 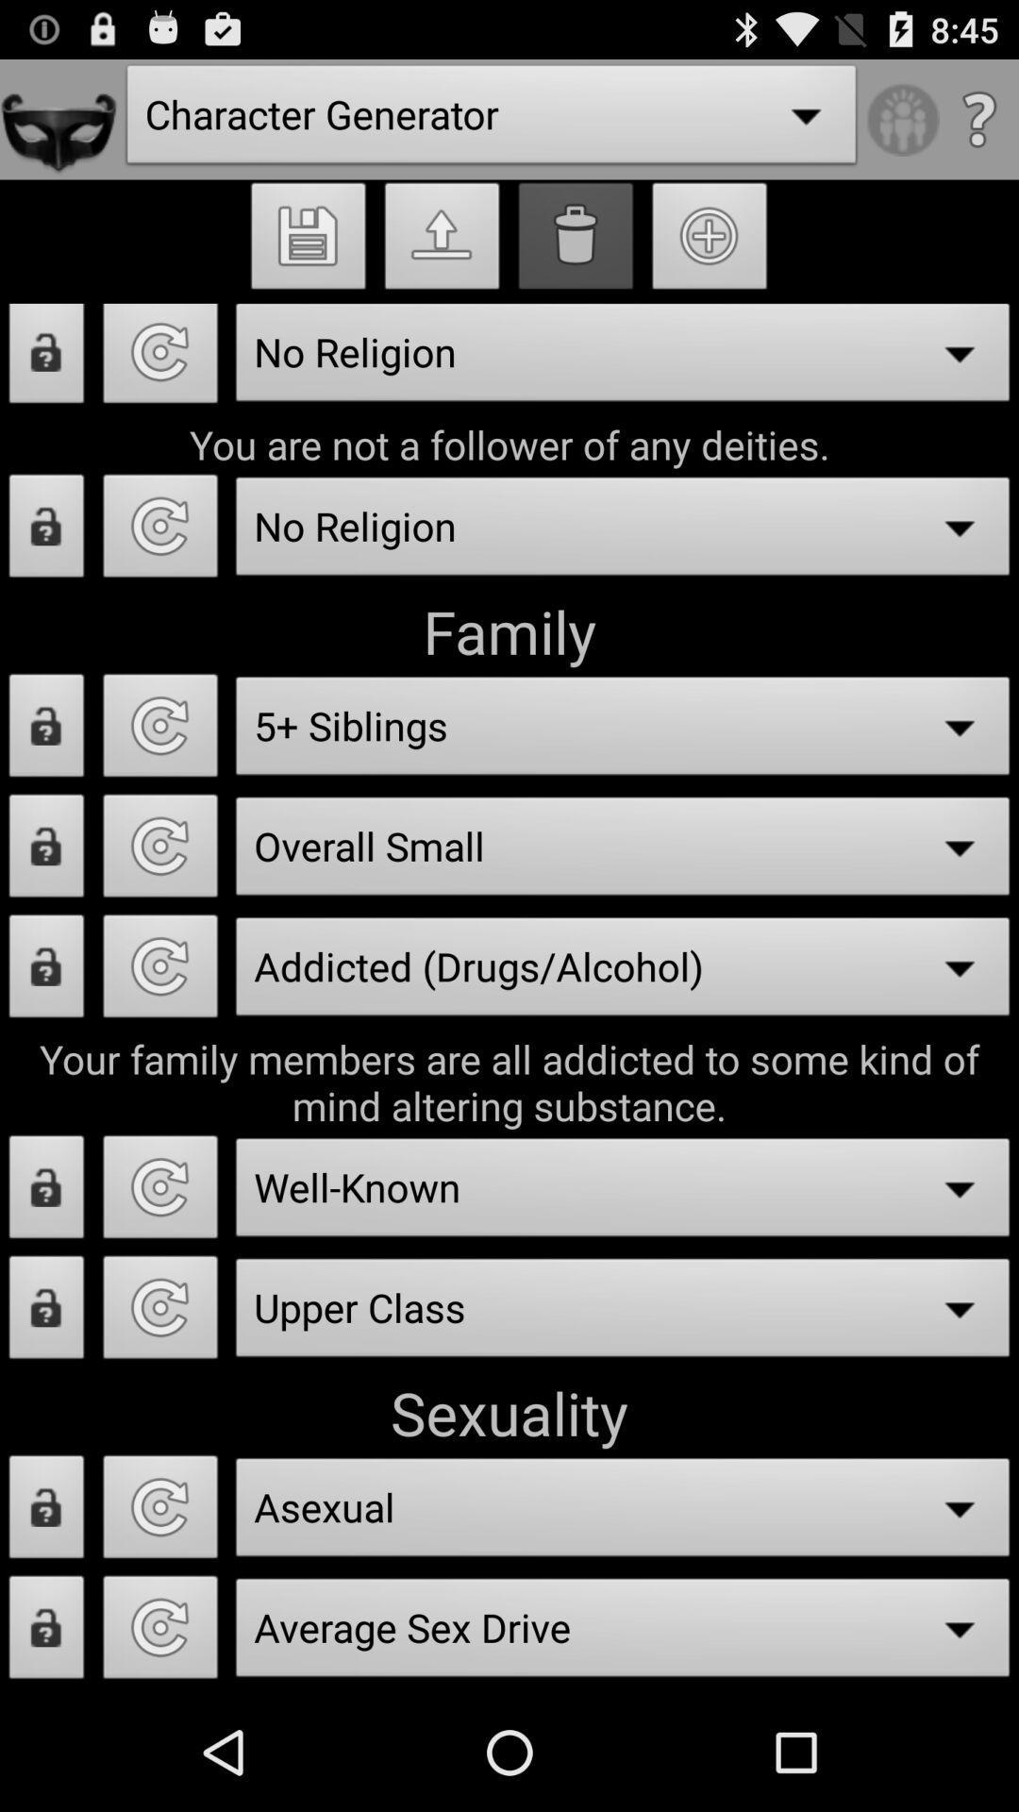 What do you see at coordinates (159, 1632) in the screenshot?
I see `randomize trait` at bounding box center [159, 1632].